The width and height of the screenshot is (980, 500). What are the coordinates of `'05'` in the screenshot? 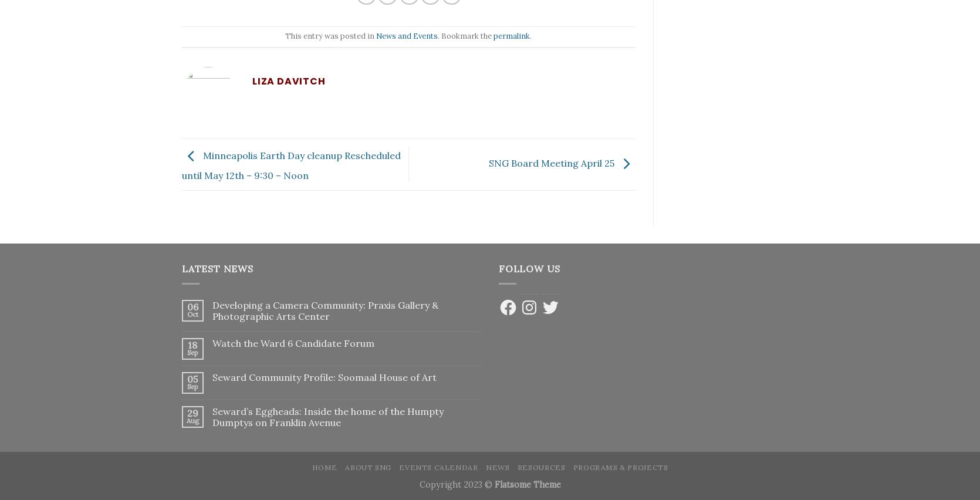 It's located at (186, 377).